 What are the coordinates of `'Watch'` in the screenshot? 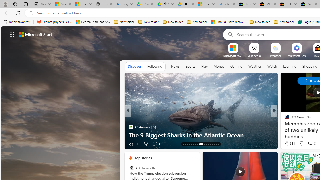 It's located at (272, 66).